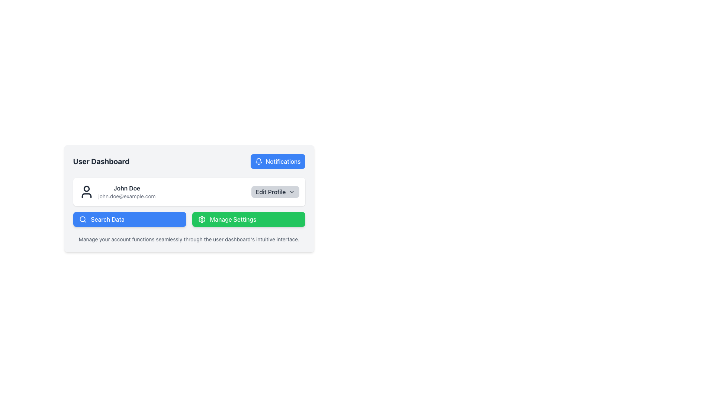  What do you see at coordinates (202, 219) in the screenshot?
I see `the settings icon, which is a cogwheel shape with a green background and white outline, located to the left of the 'Manage Settings' button` at bounding box center [202, 219].